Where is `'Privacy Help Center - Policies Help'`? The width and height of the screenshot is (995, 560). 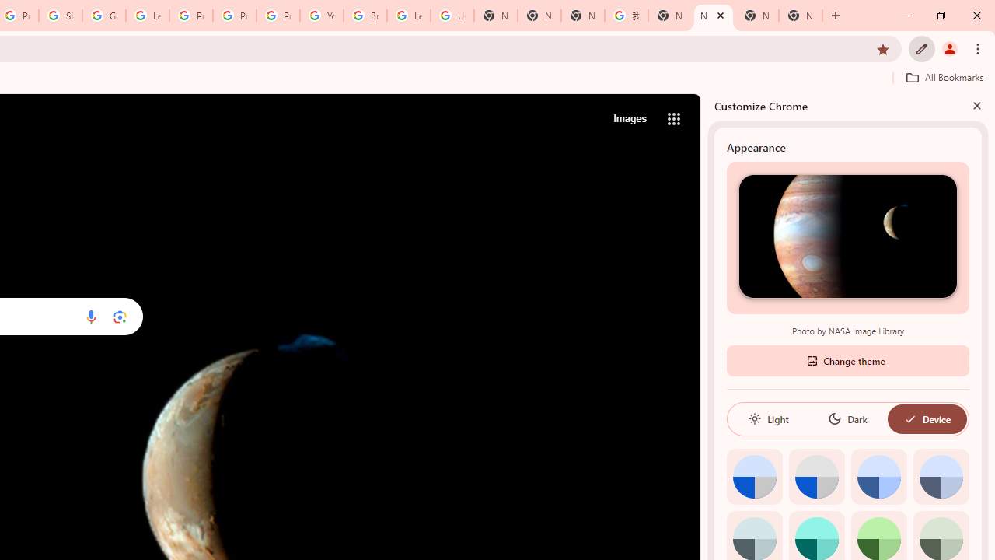
'Privacy Help Center - Policies Help' is located at coordinates (234, 16).